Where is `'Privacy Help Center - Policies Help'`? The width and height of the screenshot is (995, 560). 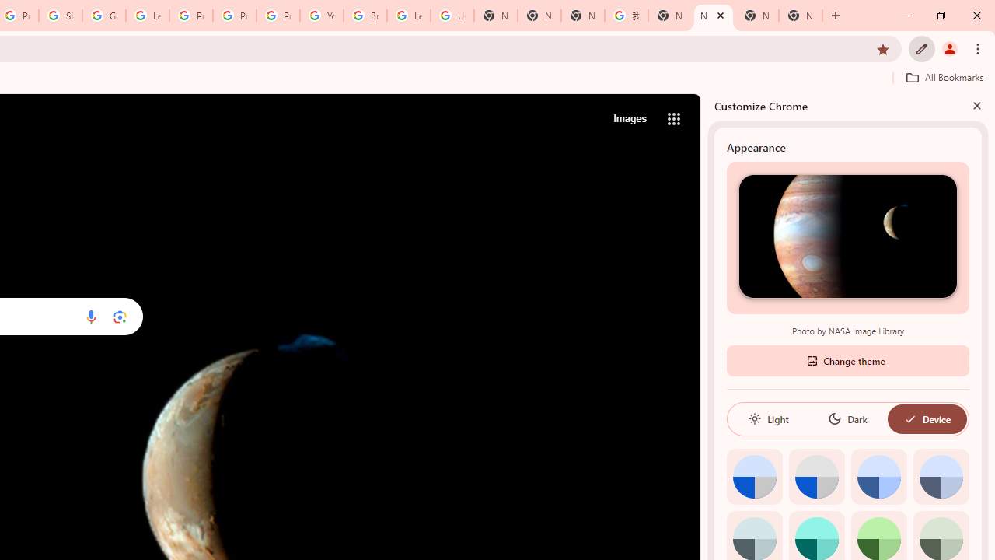
'Privacy Help Center - Policies Help' is located at coordinates (234, 16).